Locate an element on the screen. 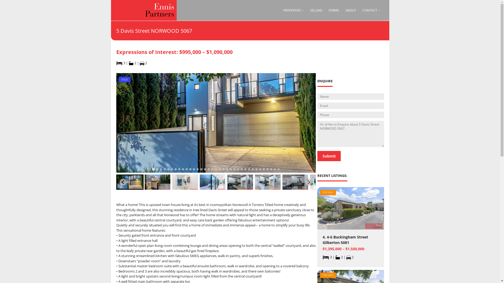 Image resolution: width=504 pixels, height=283 pixels. 'PROPERTIES' is located at coordinates (283, 10).